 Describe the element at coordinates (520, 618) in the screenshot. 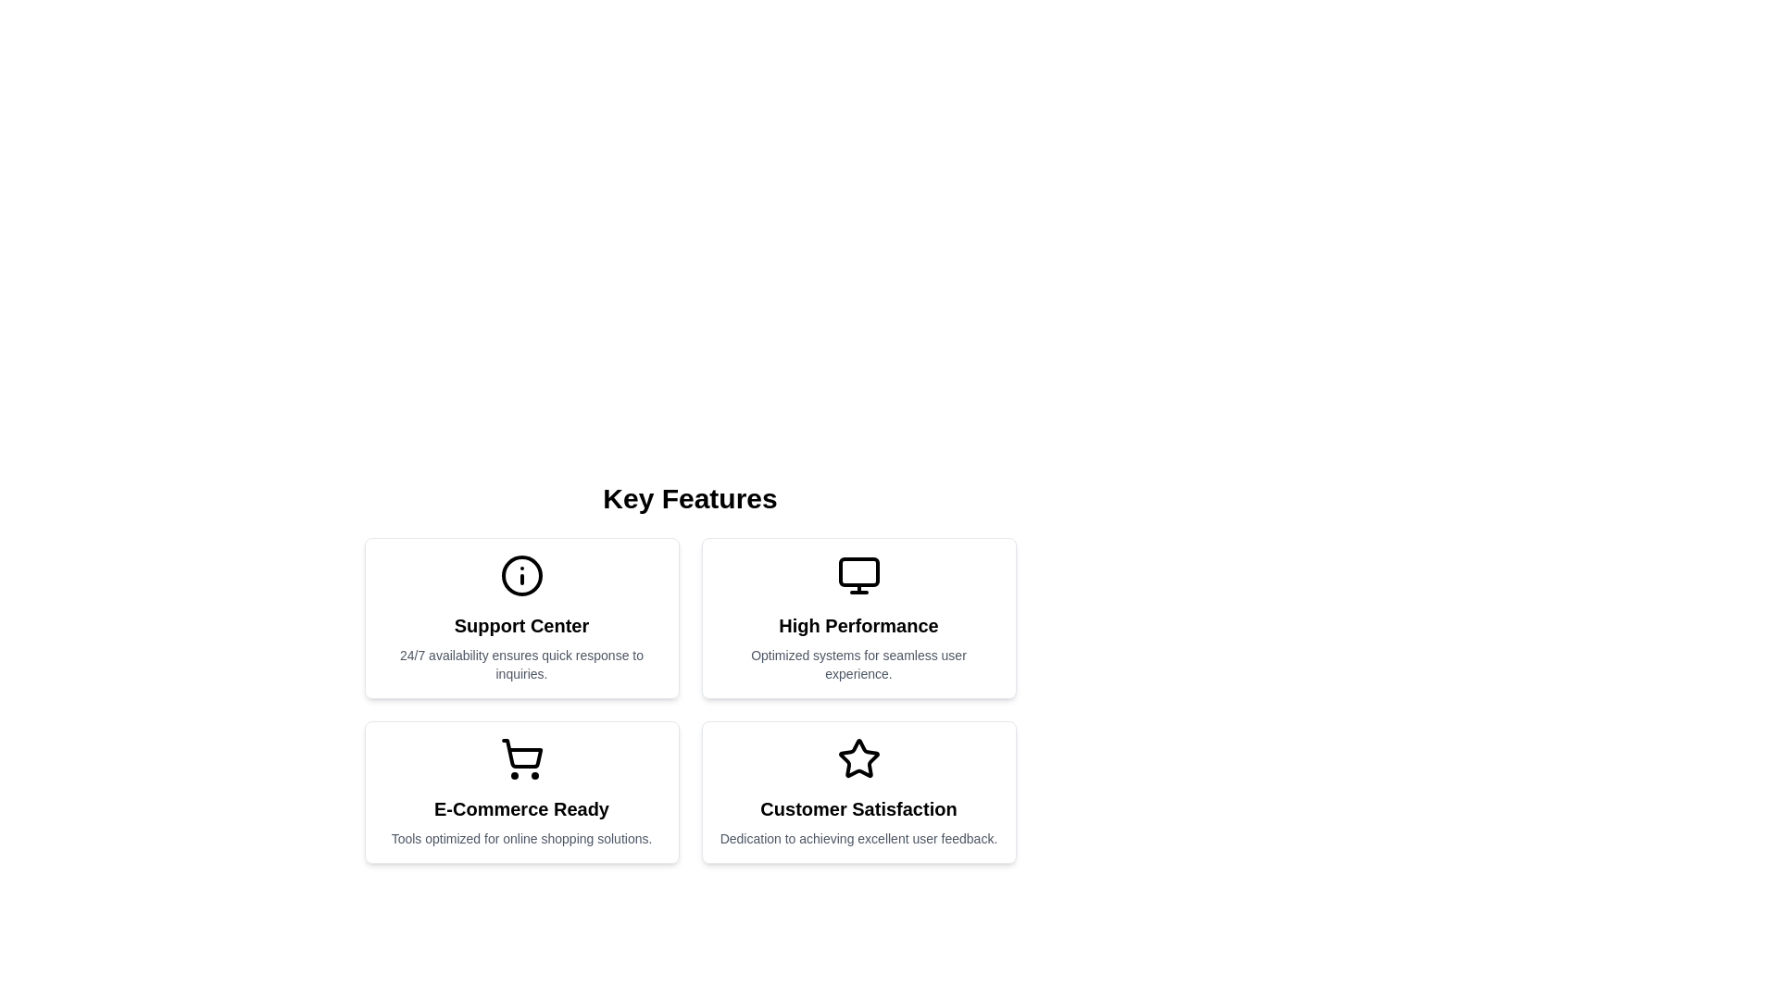

I see `the Informational Card in the top-left corner of the grid layout` at that location.